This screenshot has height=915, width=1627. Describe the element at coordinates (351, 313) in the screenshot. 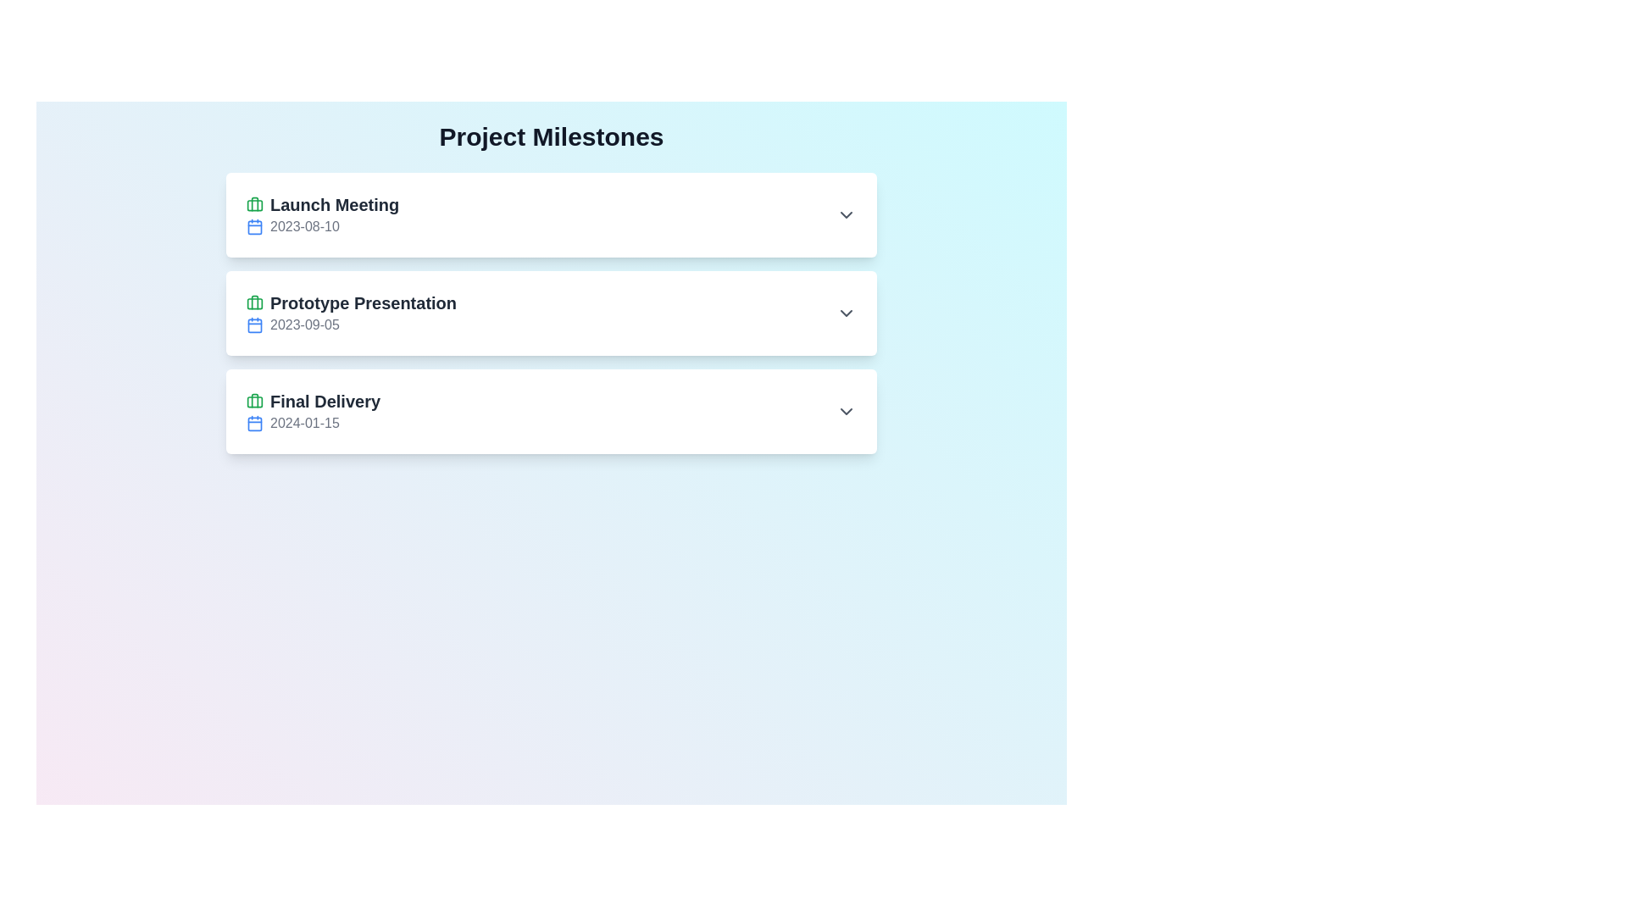

I see `details of the second milestone item in the Project Milestones section, which provides information about the title and date of the milestone` at that location.